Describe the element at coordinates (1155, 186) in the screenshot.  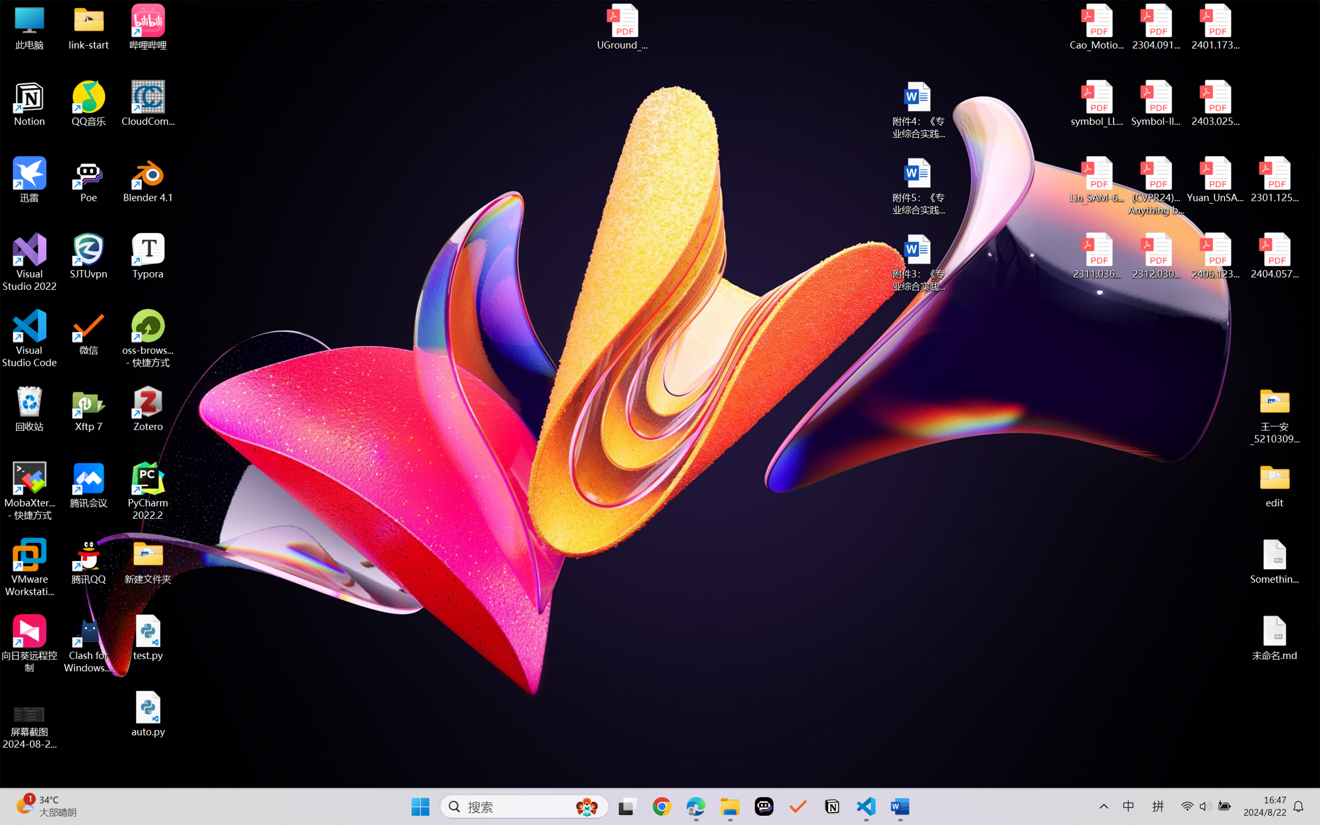
I see `'(CVPR24)Matching Anything by Segmenting Anything.pdf'` at that location.